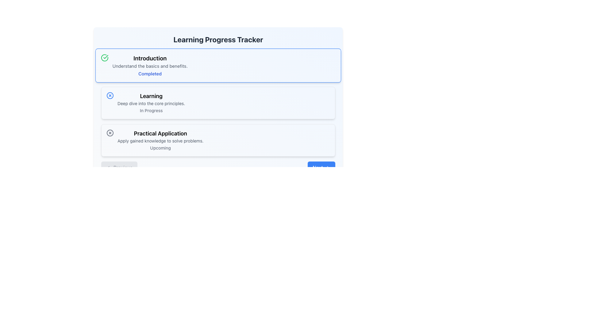 This screenshot has height=331, width=589. Describe the element at coordinates (218, 140) in the screenshot. I see `the Interactive Card titled 'Practical Application', which is the third card in a list, featuring a bold title, a descriptive middle section, and a status at the bottom` at that location.